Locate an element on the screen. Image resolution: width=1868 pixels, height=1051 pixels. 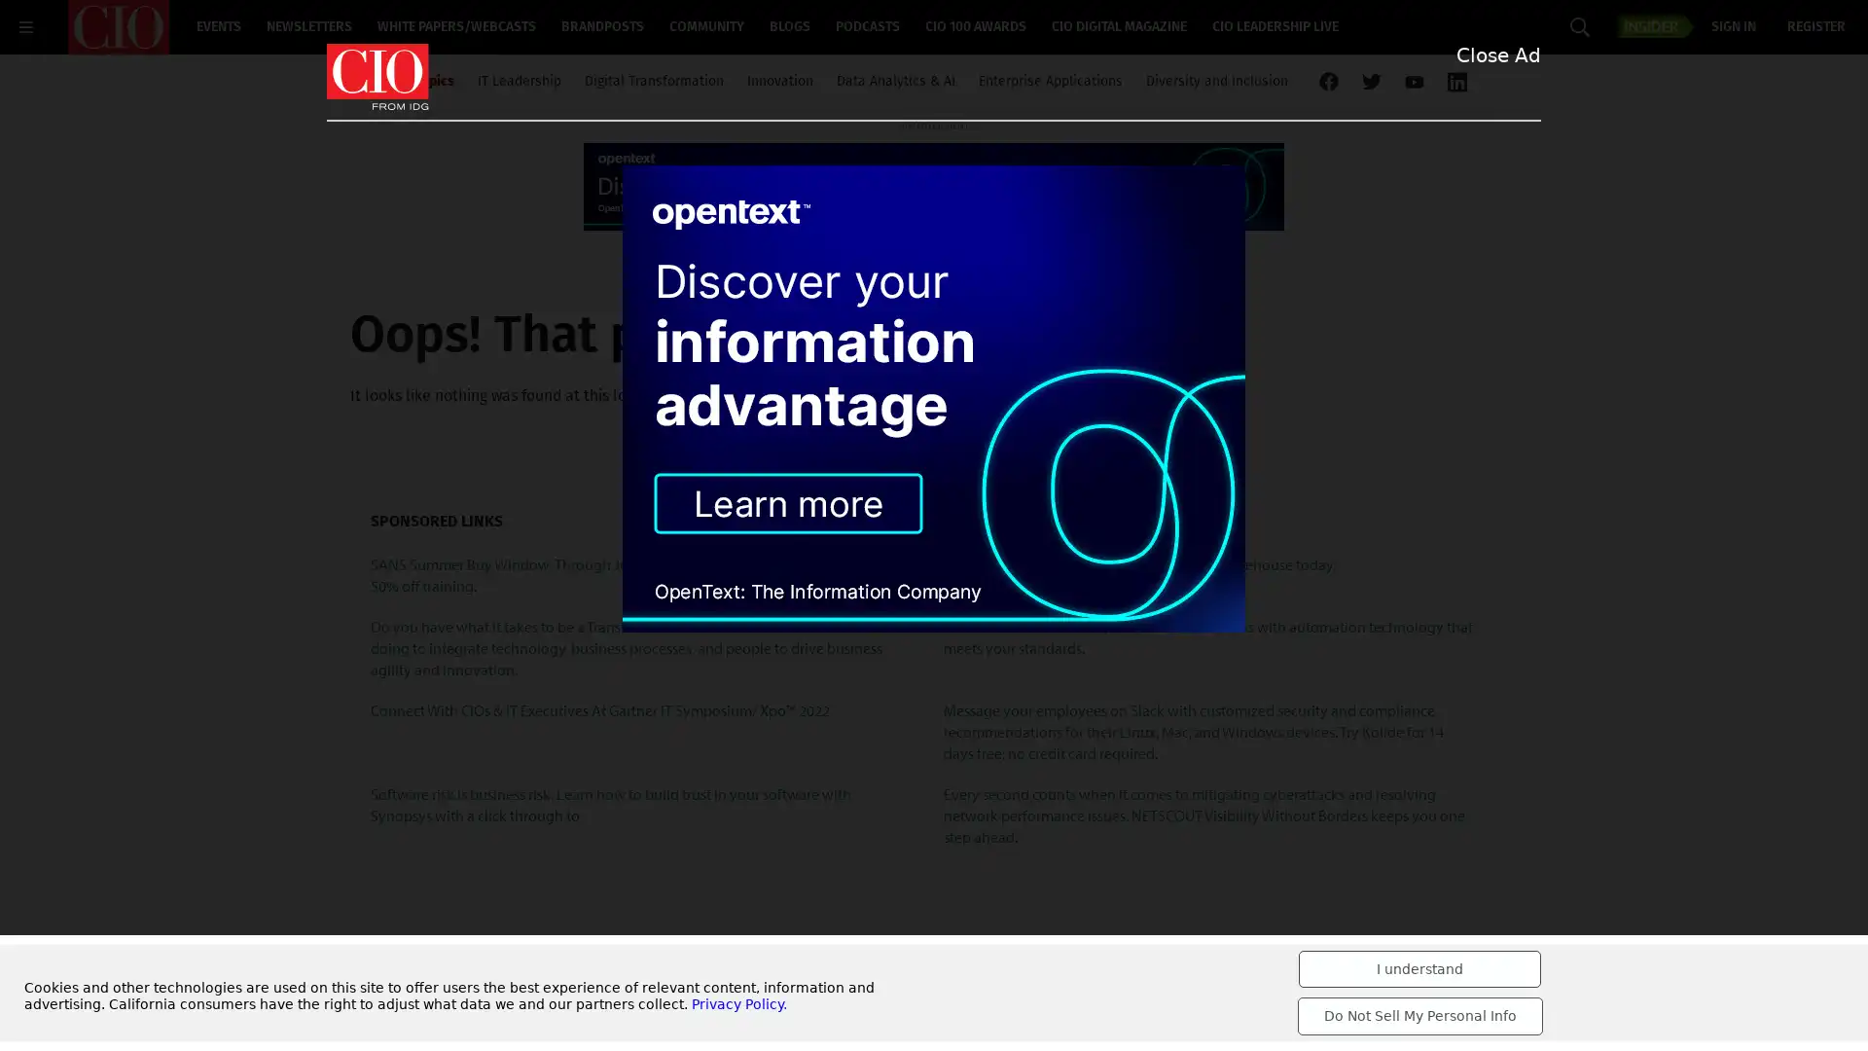
REGISTER is located at coordinates (1815, 27).